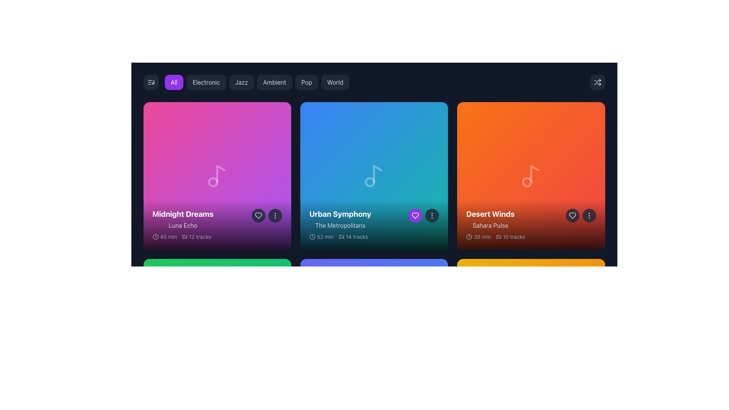 The image size is (729, 410). I want to click on the larger circular icon representing the clock face, which has a thin border and is part of the SVG illustration for 'Desert Winds', so click(469, 237).